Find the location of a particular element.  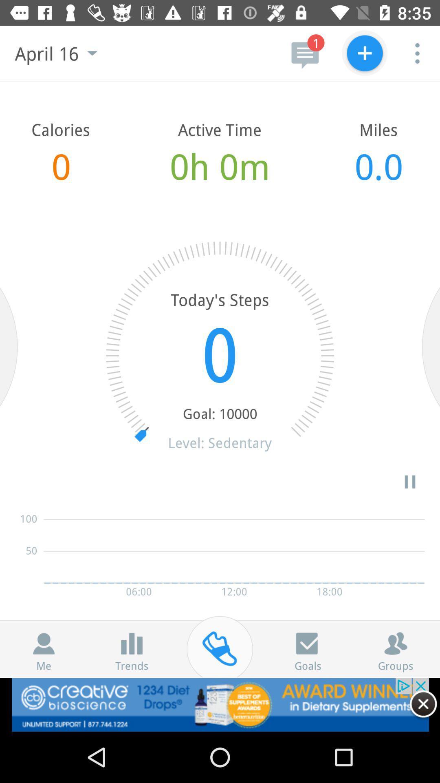

the close icon is located at coordinates (423, 703).